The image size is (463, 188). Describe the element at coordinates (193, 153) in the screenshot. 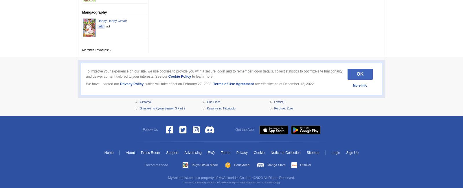

I see `'Advertising'` at that location.